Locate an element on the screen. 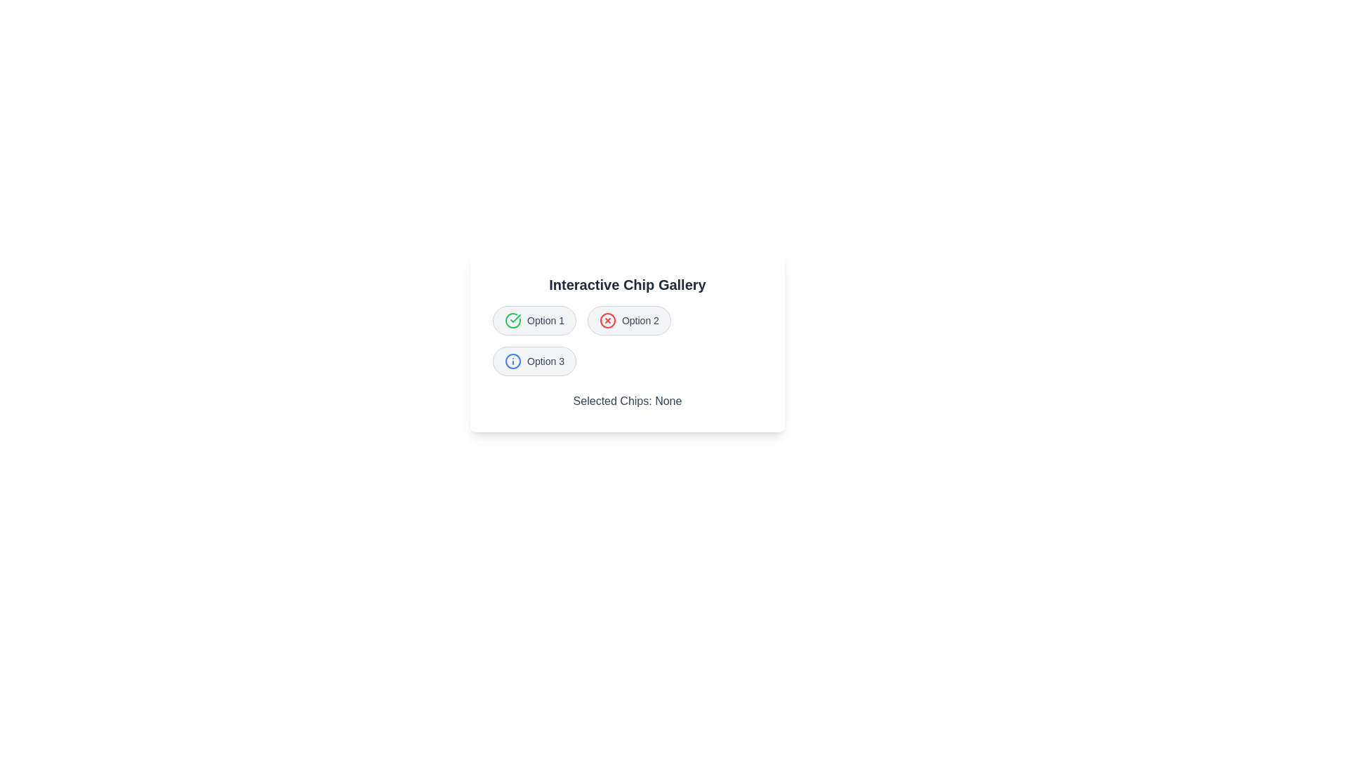 Image resolution: width=1348 pixels, height=758 pixels. the chip labeled Option 1 to observe its icon is located at coordinates (534, 320).